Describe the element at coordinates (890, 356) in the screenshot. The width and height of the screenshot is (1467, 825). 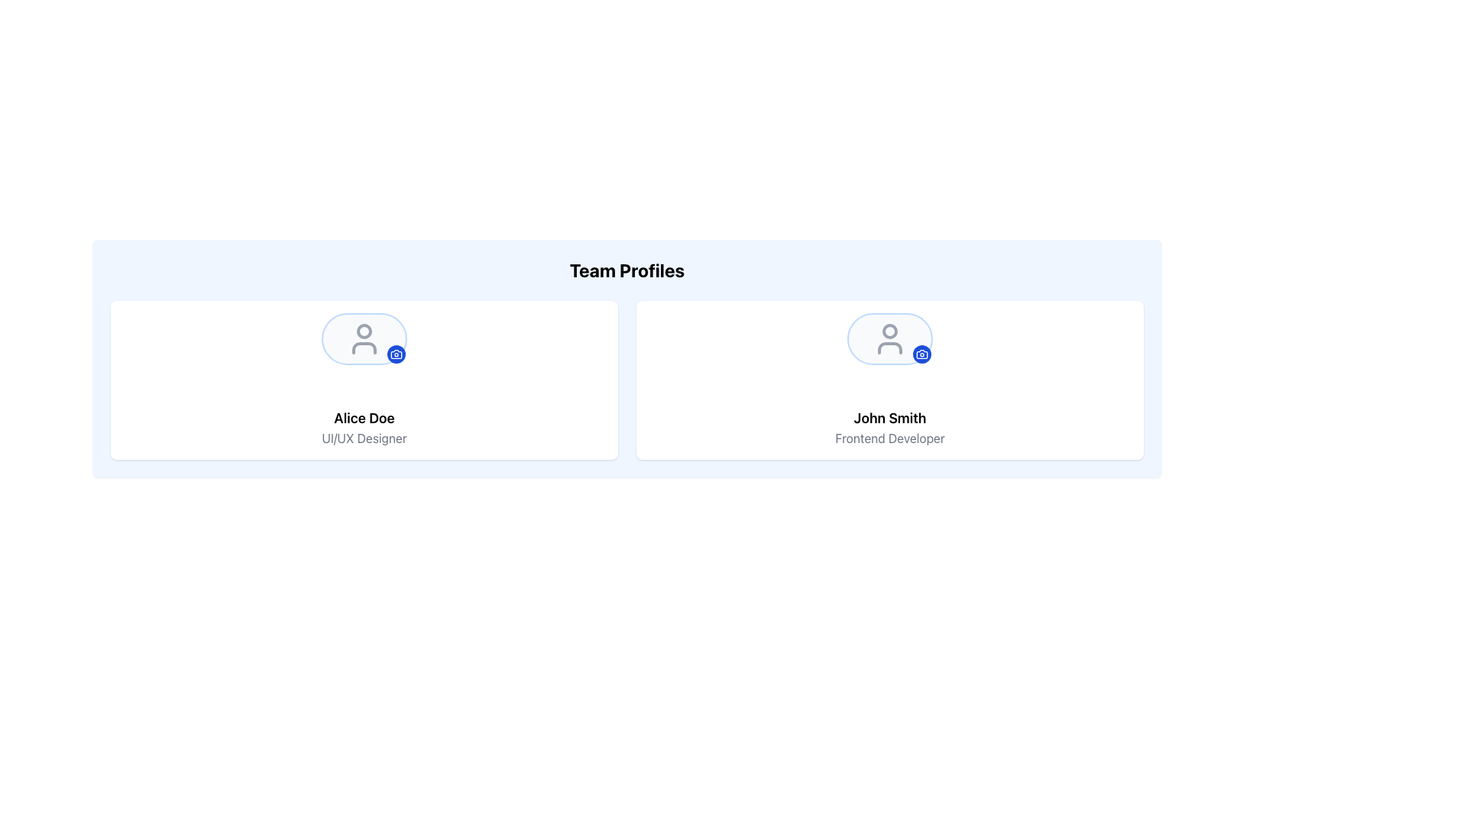
I see `the profile avatar placeholder for 'John Smith'` at that location.